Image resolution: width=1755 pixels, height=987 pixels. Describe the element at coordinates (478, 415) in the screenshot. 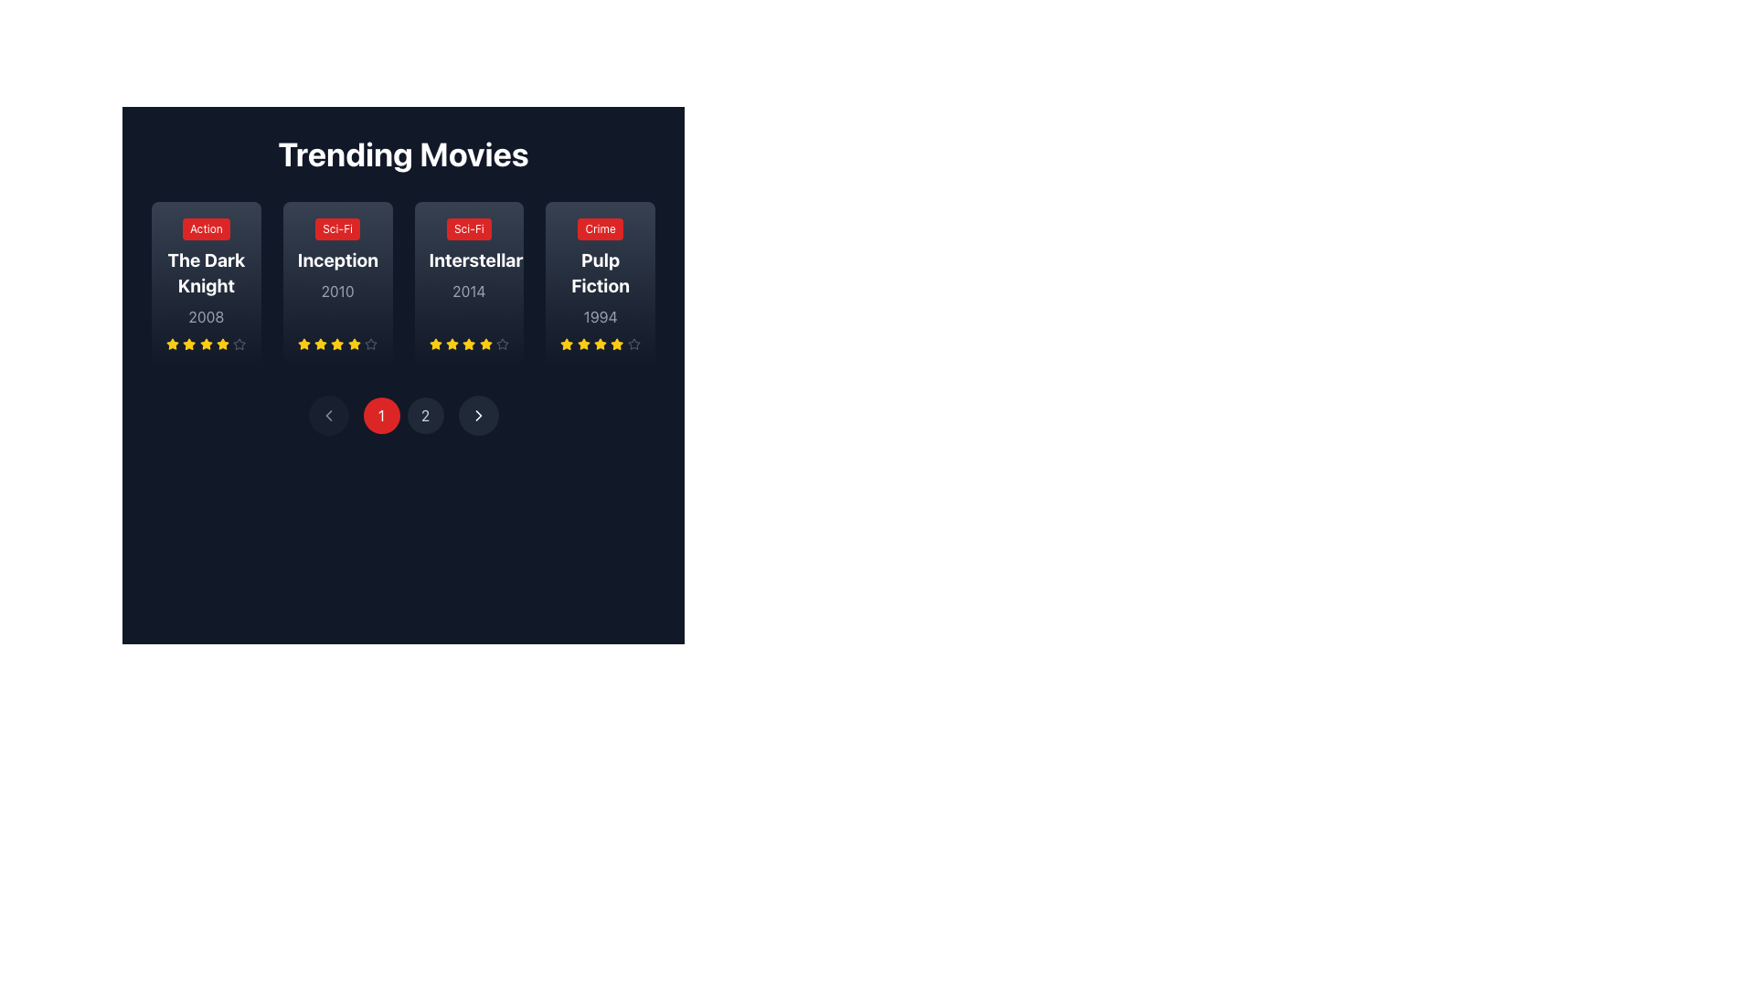

I see `the right-pointing chevron icon` at that location.